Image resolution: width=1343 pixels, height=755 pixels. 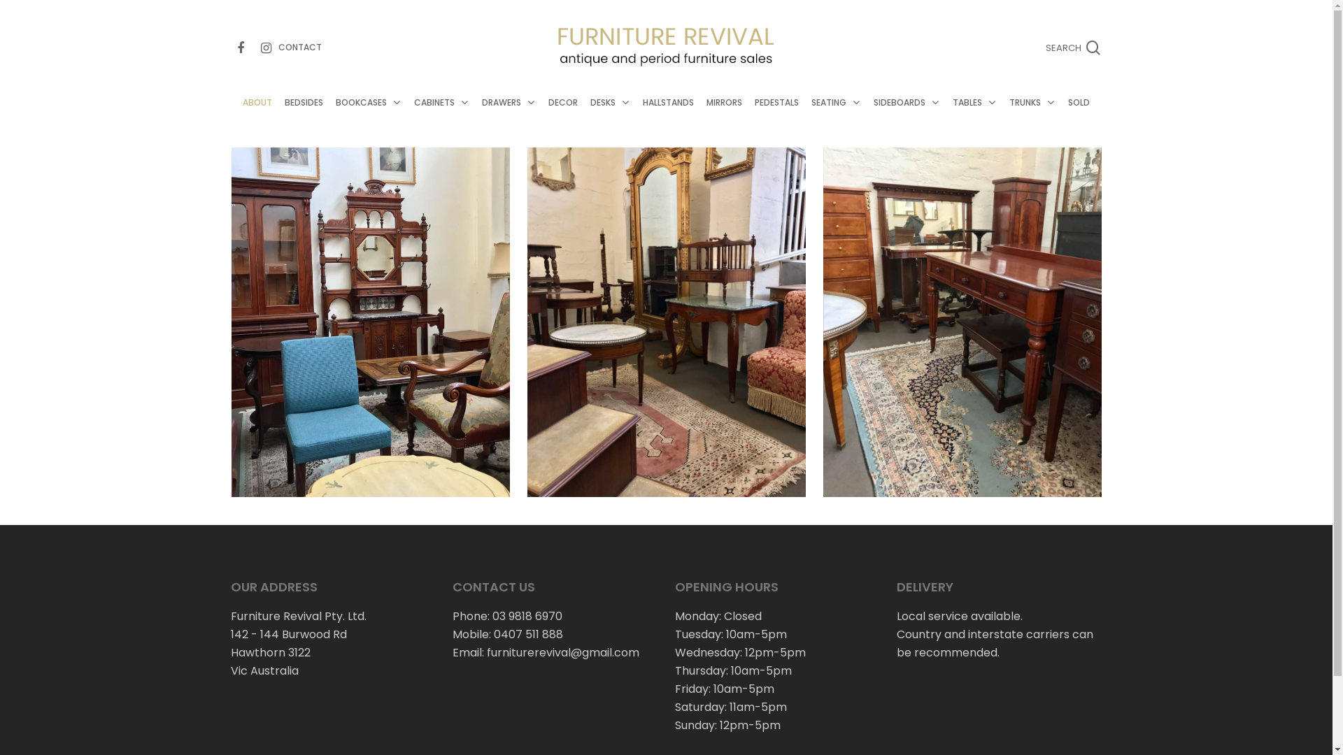 I want to click on 'DECOR', so click(x=541, y=115).